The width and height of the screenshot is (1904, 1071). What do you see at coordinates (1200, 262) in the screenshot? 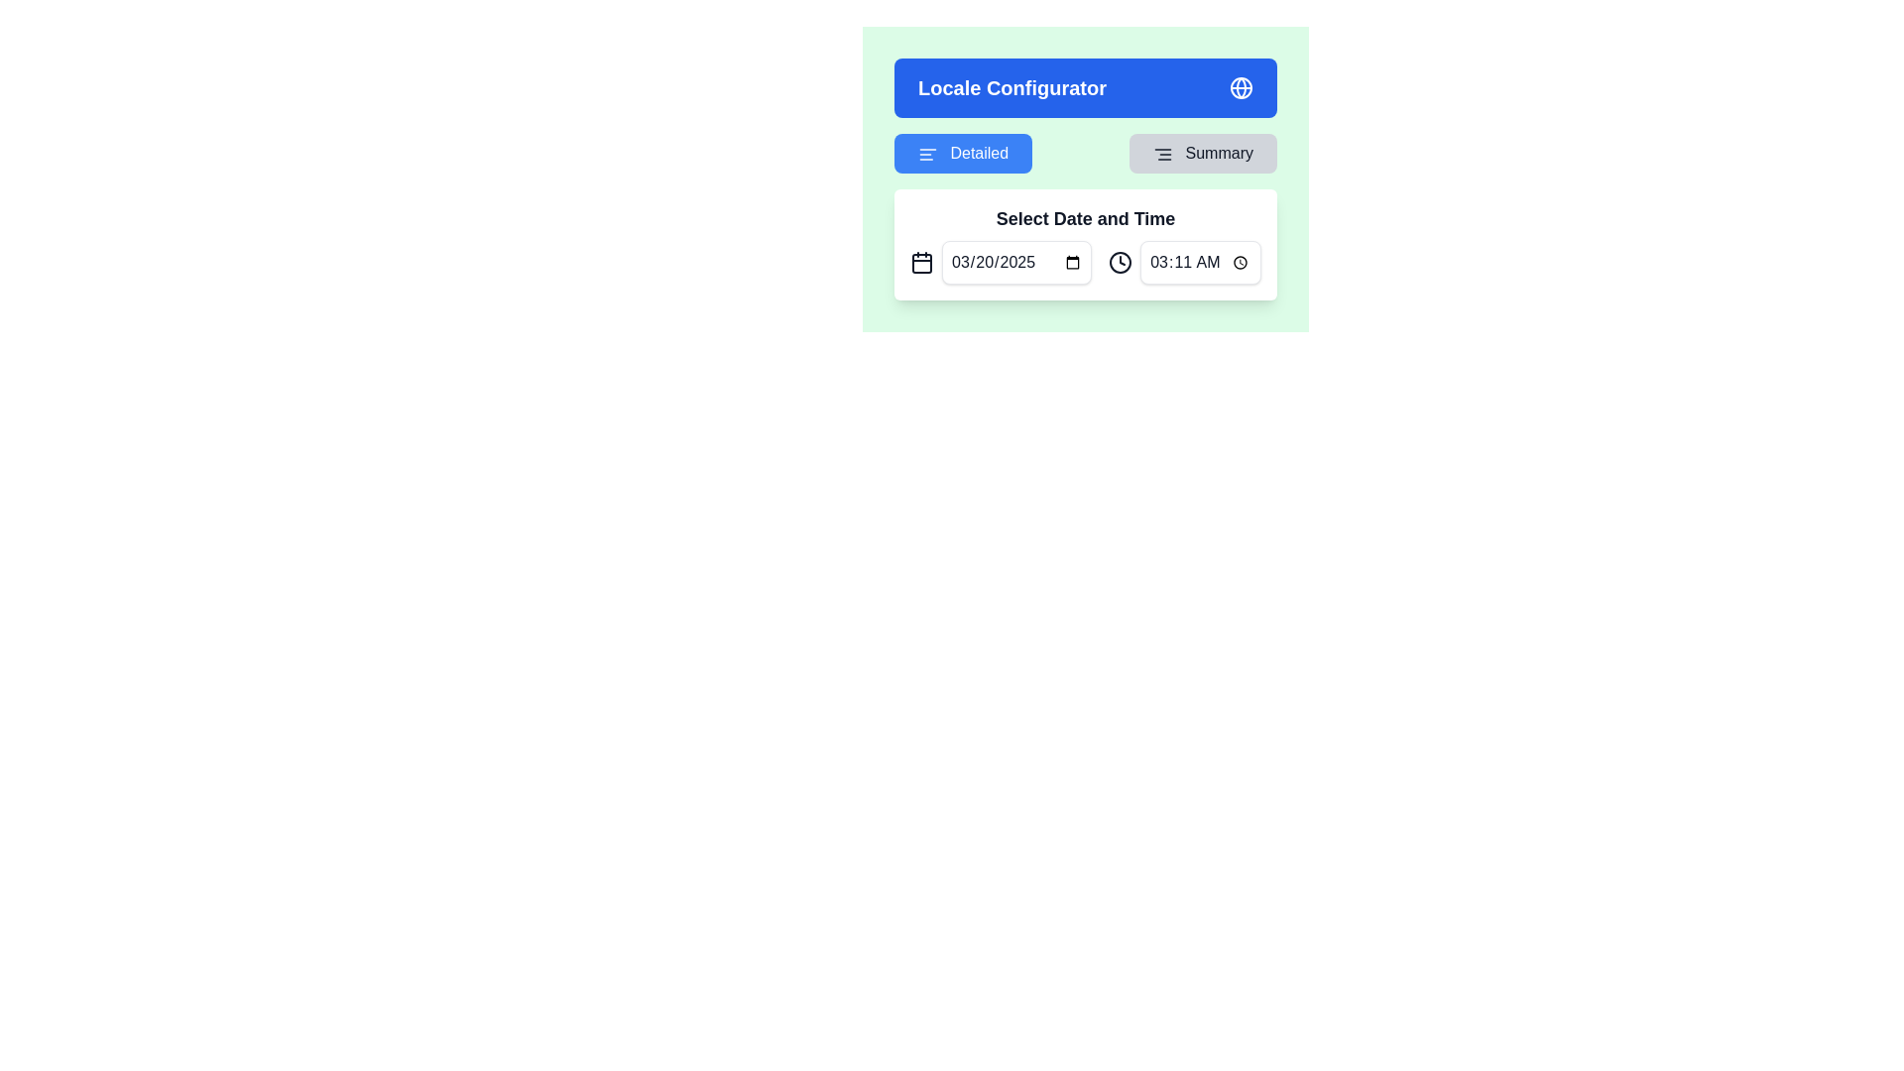
I see `the Time input field located in the bottom-right section of the 'Select Date and Time' form` at bounding box center [1200, 262].